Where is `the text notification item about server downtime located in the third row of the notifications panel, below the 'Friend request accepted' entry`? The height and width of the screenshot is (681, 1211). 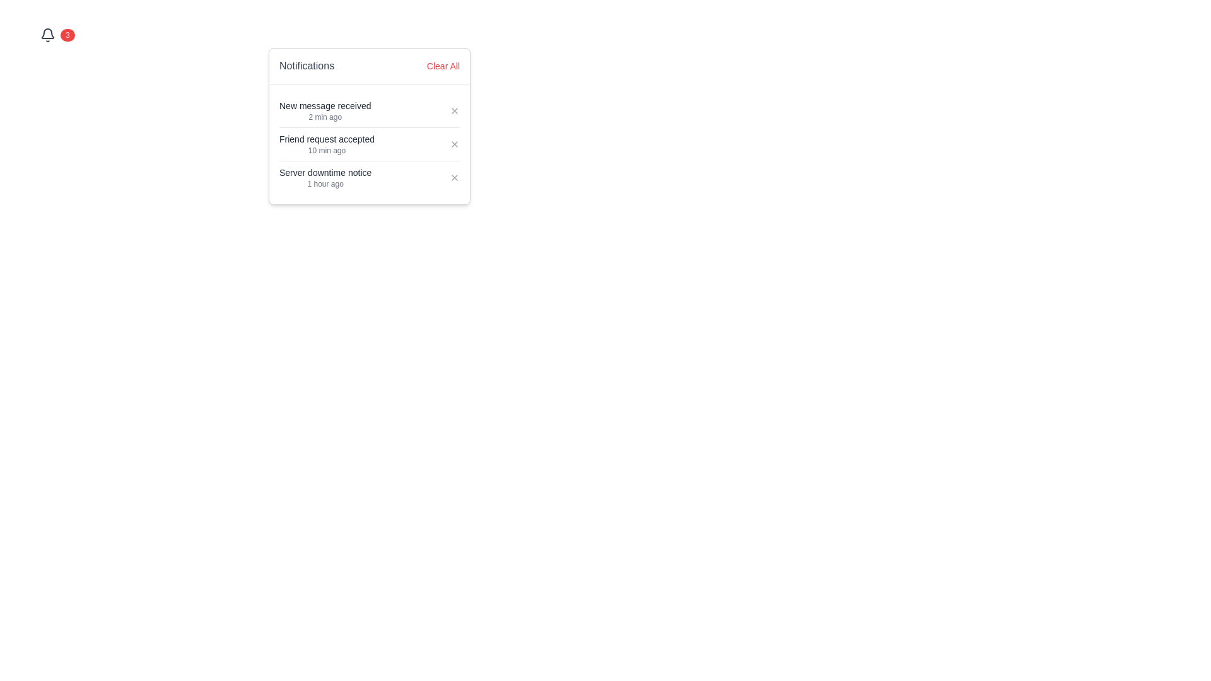 the text notification item about server downtime located in the third row of the notifications panel, below the 'Friend request accepted' entry is located at coordinates (325, 177).